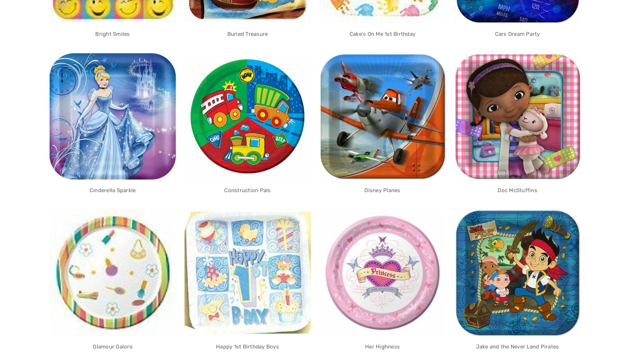 The width and height of the screenshot is (630, 363). What do you see at coordinates (382, 190) in the screenshot?
I see `'Disney Planes'` at bounding box center [382, 190].